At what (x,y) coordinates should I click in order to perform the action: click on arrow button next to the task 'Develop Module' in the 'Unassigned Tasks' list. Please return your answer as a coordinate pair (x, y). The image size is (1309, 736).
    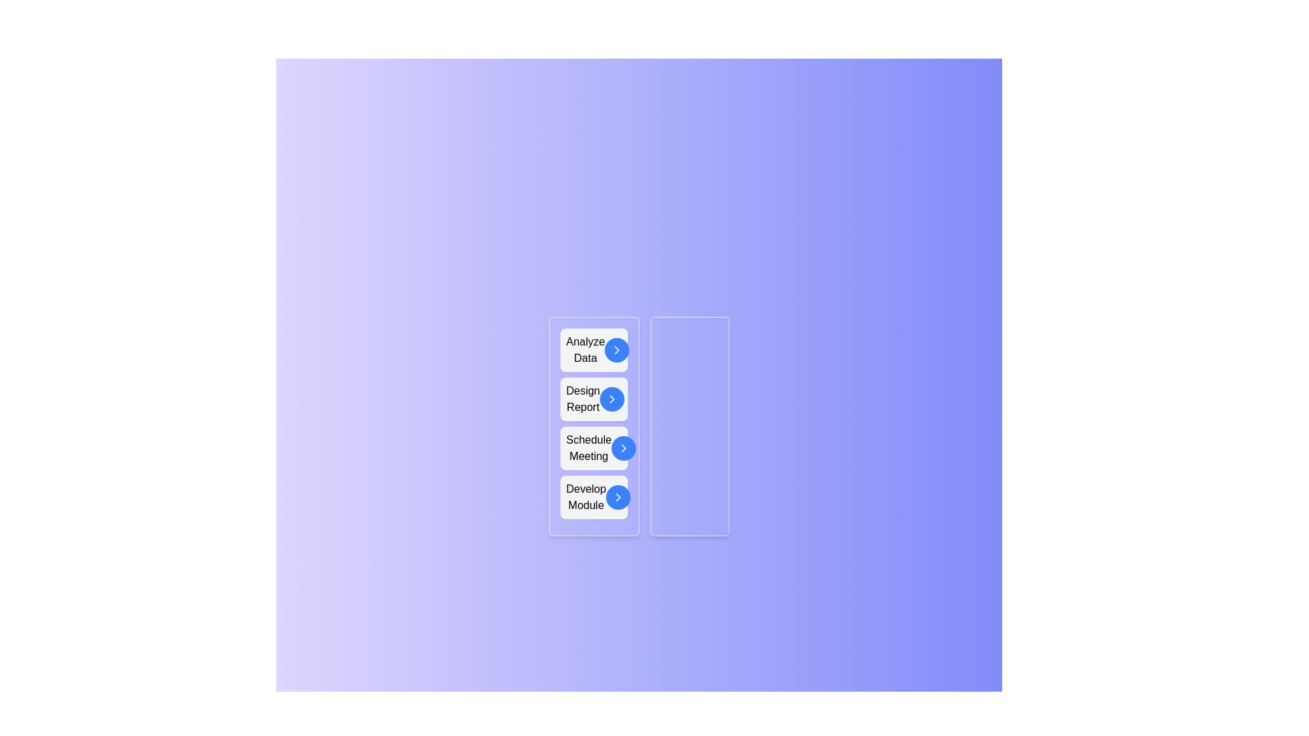
    Looking at the image, I should click on (618, 497).